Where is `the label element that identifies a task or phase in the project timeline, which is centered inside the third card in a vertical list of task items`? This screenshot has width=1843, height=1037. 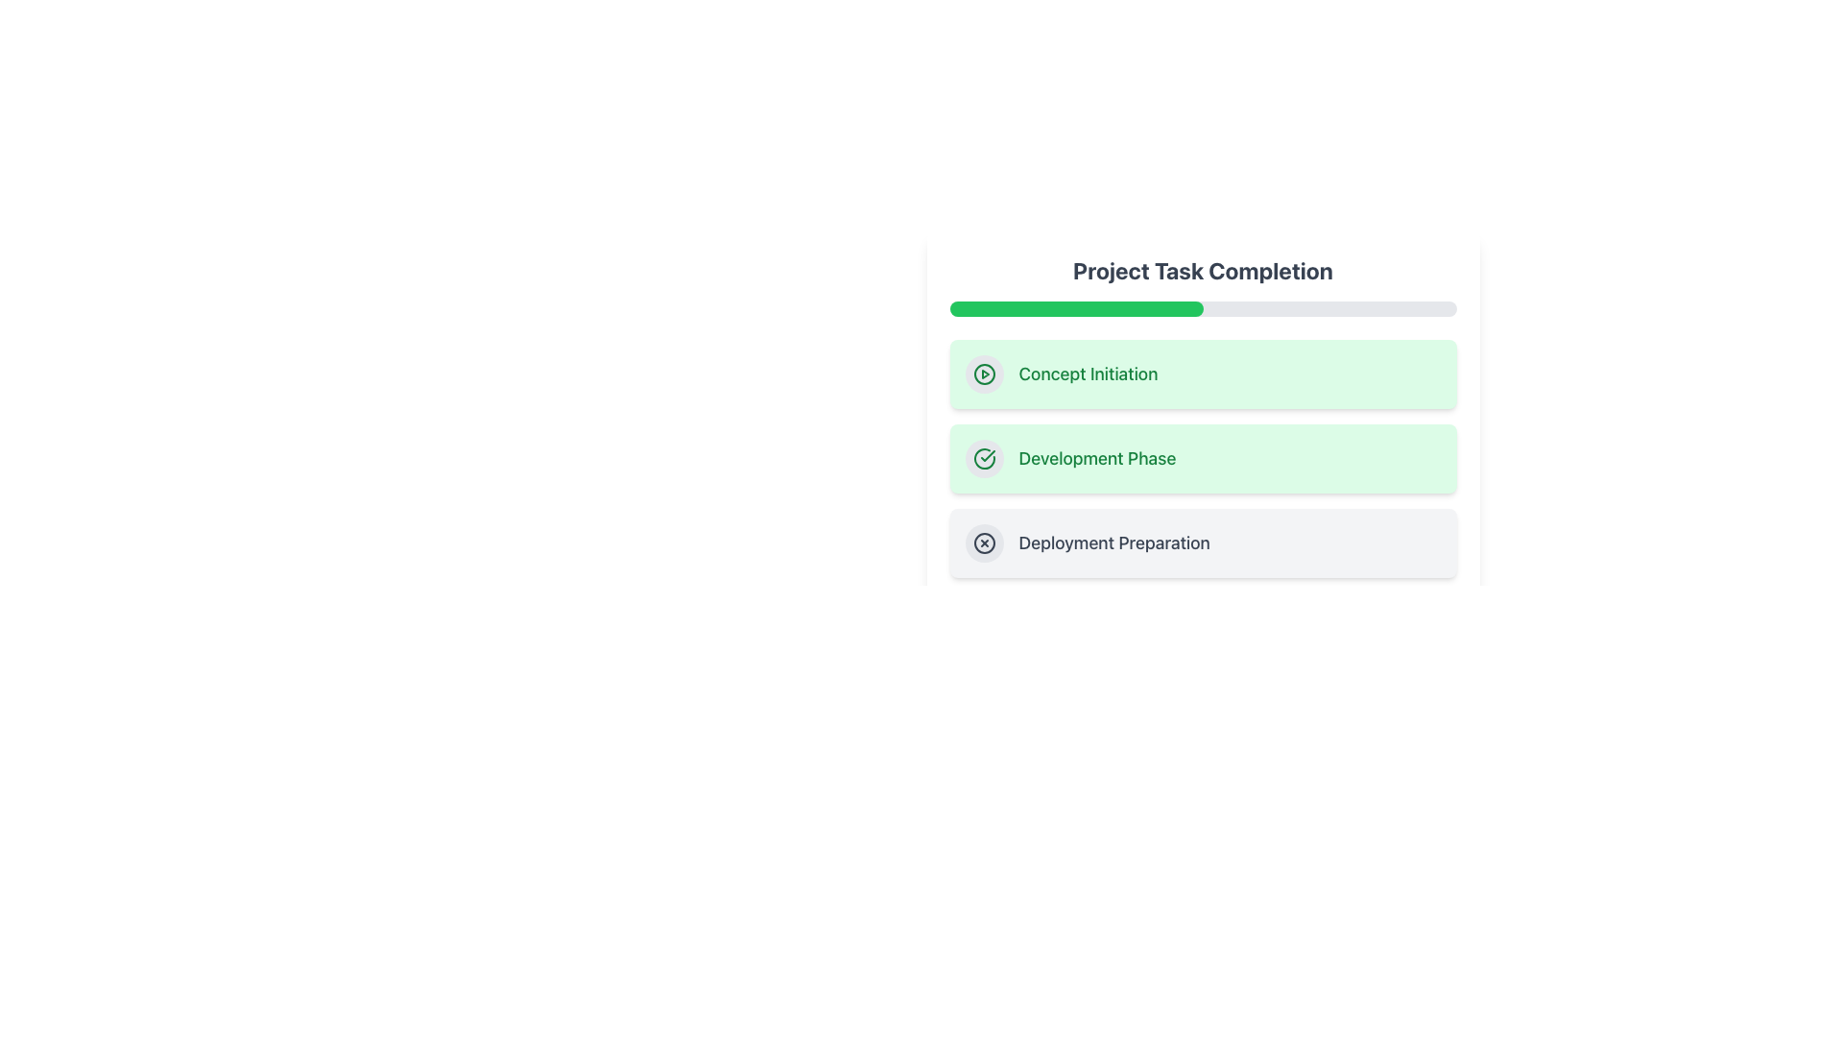
the label element that identifies a task or phase in the project timeline, which is centered inside the third card in a vertical list of task items is located at coordinates (1114, 543).